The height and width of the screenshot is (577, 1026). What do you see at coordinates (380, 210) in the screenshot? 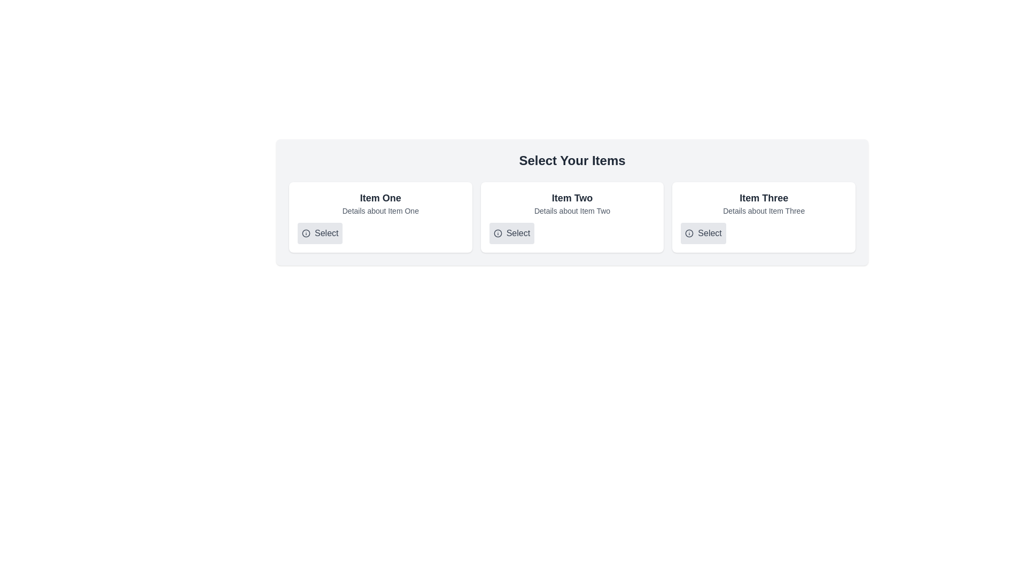
I see `the informational text label that provides details about 'Item One', positioned below its title in the card under 'Select Your Items'` at bounding box center [380, 210].